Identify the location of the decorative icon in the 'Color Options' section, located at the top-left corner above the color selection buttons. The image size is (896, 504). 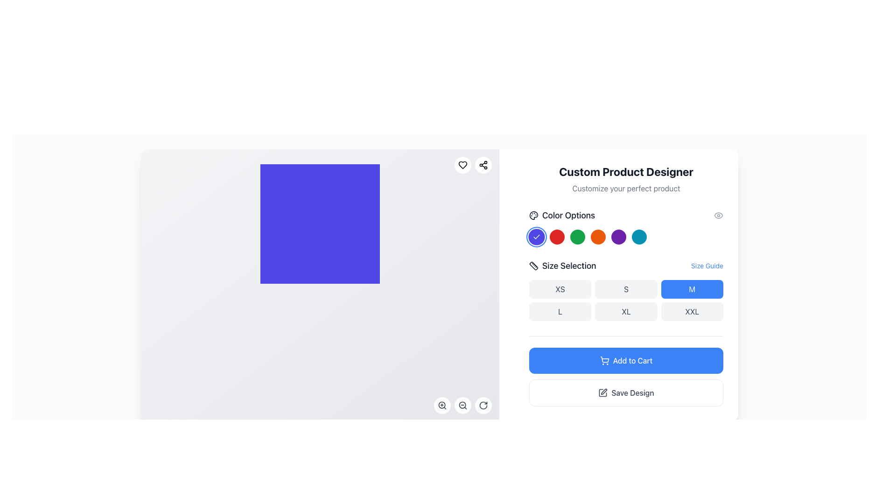
(533, 216).